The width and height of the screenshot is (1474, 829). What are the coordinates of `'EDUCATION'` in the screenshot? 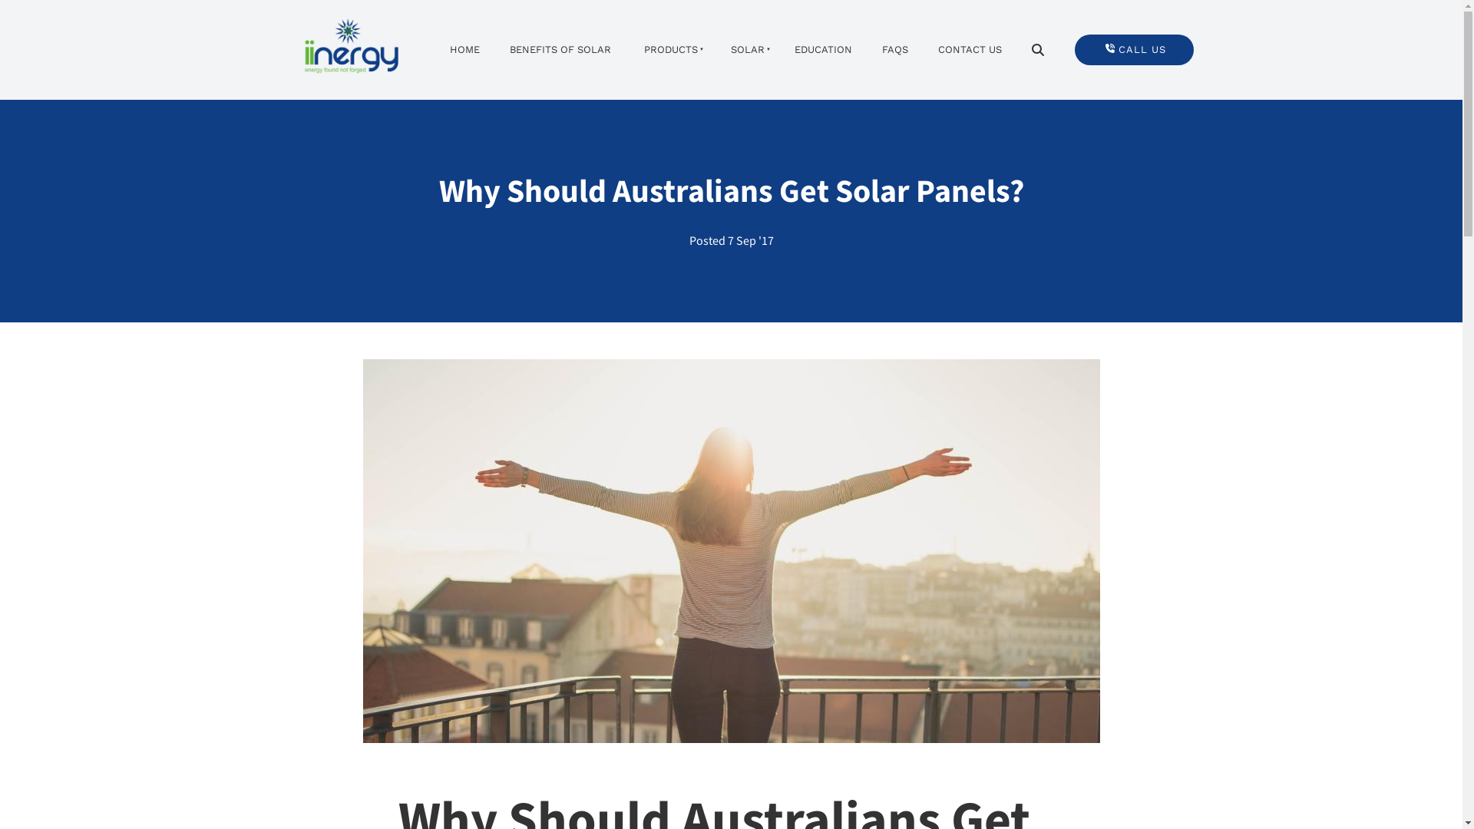 It's located at (823, 49).